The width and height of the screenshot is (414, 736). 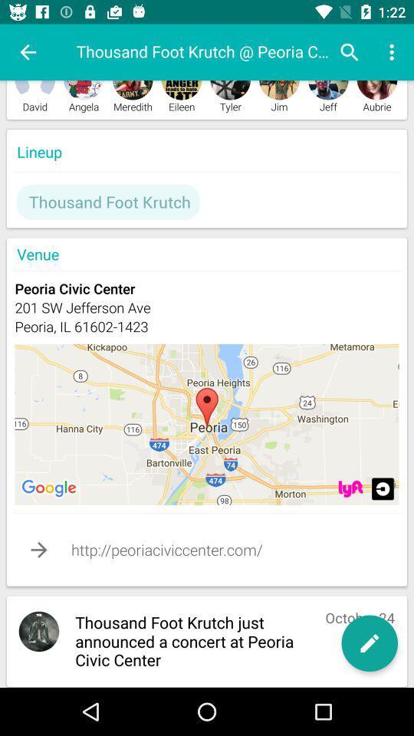 What do you see at coordinates (369, 643) in the screenshot?
I see `edit` at bounding box center [369, 643].